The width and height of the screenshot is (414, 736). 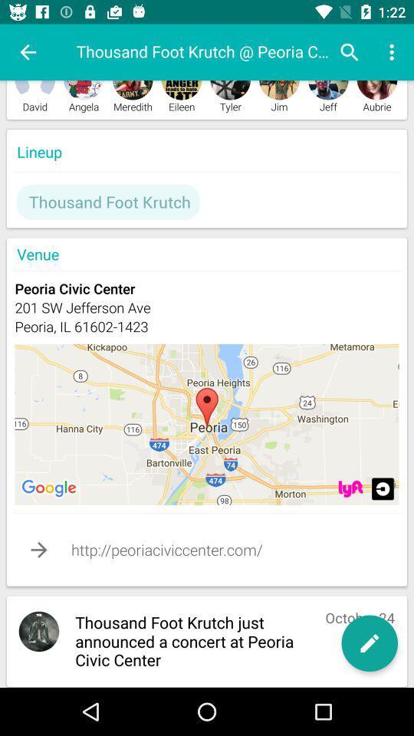 What do you see at coordinates (369, 643) in the screenshot?
I see `edit` at bounding box center [369, 643].